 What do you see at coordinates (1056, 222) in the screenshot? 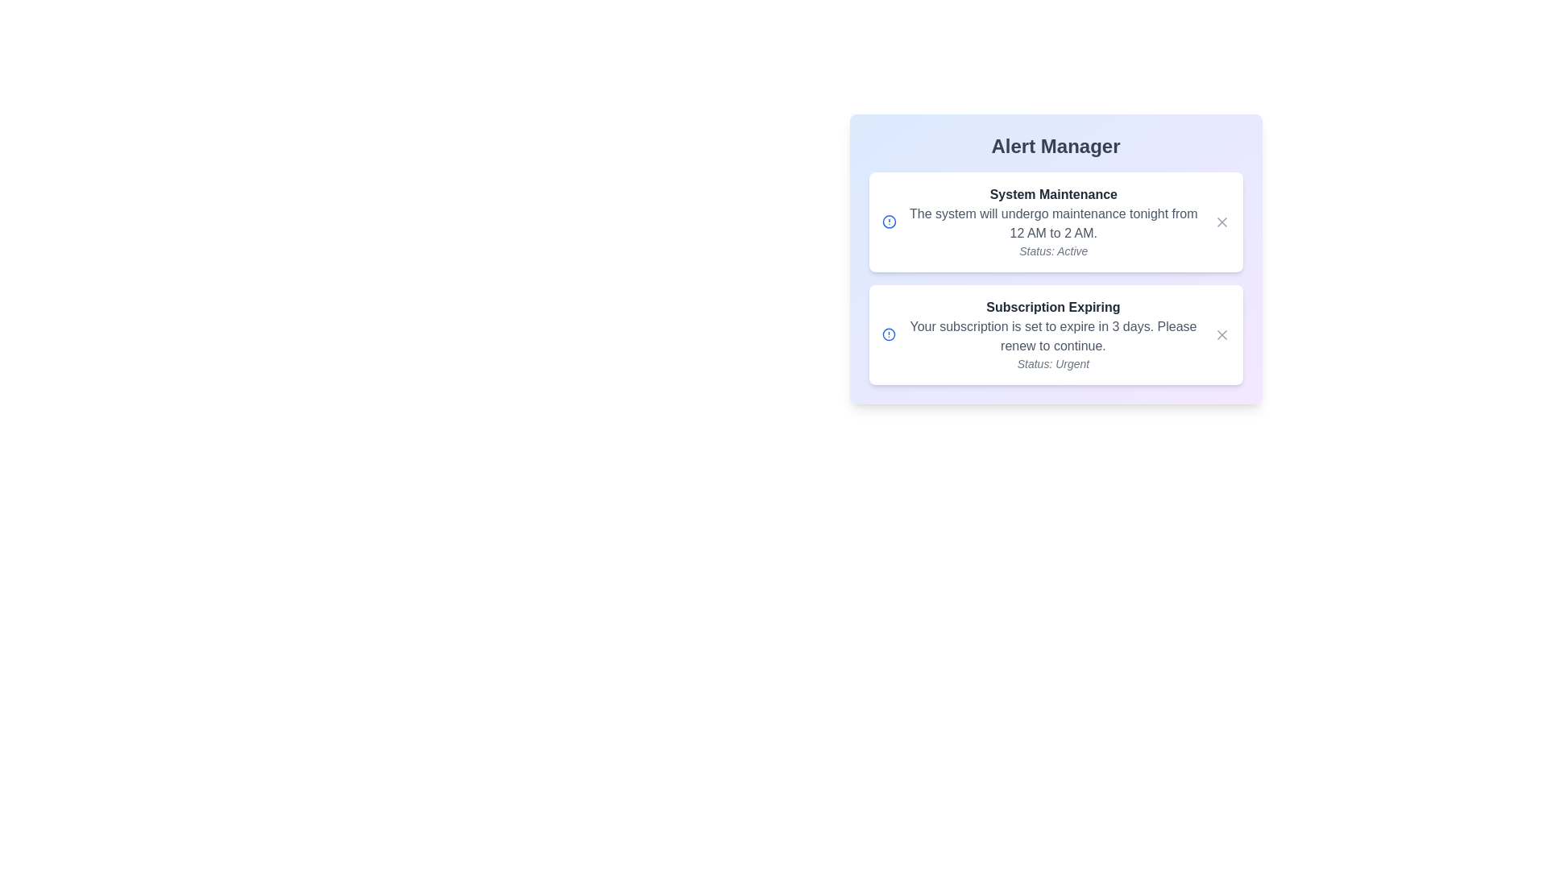
I see `the alert item to display its details` at bounding box center [1056, 222].